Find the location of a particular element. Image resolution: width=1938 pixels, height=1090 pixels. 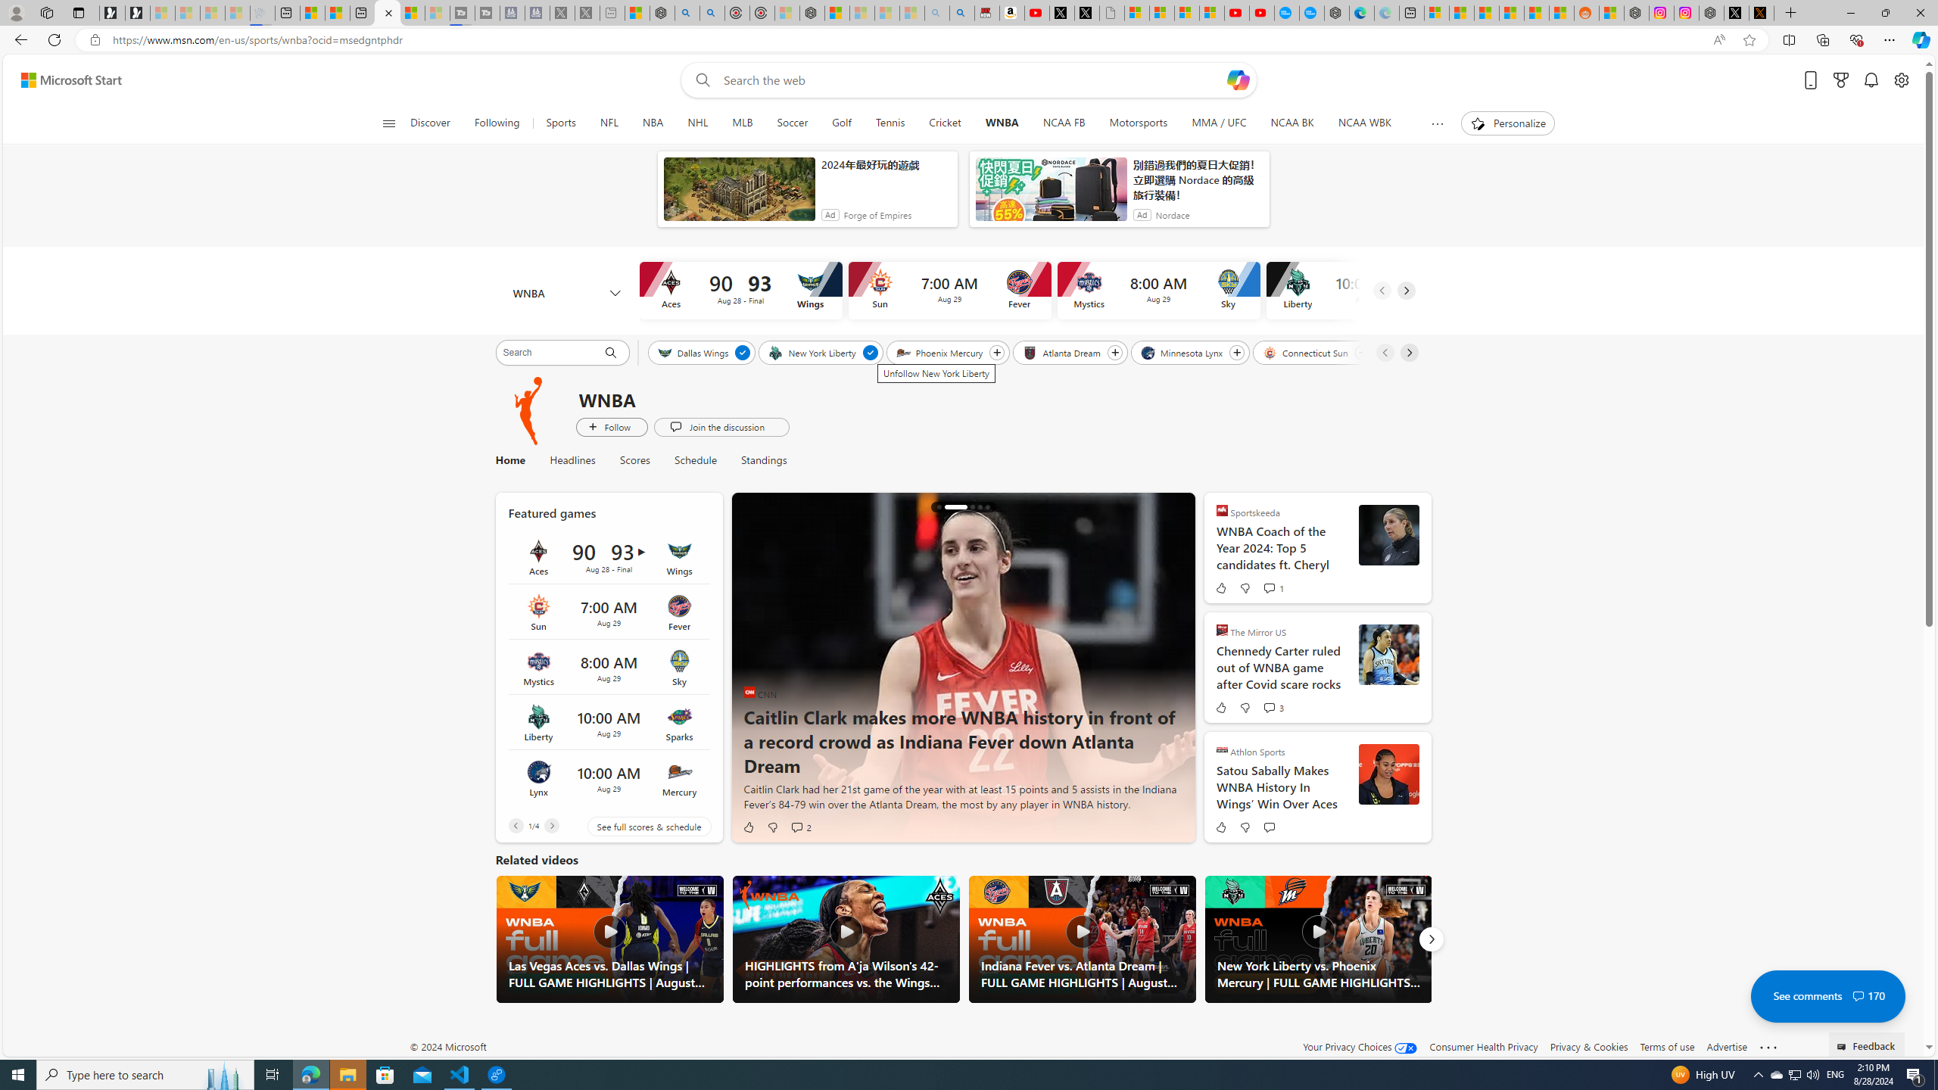

'NCAA WBK' is located at coordinates (1363, 123).